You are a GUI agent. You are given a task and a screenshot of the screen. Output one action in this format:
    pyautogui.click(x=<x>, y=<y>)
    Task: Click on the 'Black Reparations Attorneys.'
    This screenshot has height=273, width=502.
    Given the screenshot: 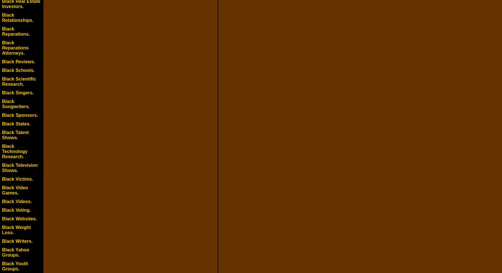 What is the action you would take?
    pyautogui.click(x=15, y=47)
    